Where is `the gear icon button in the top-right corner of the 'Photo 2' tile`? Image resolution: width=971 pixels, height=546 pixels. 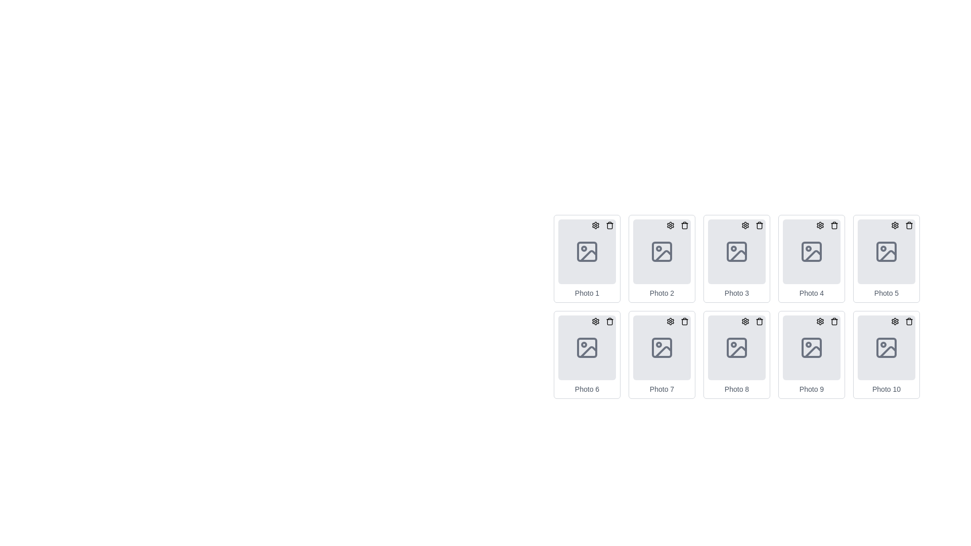 the gear icon button in the top-right corner of the 'Photo 2' tile is located at coordinates (670, 225).